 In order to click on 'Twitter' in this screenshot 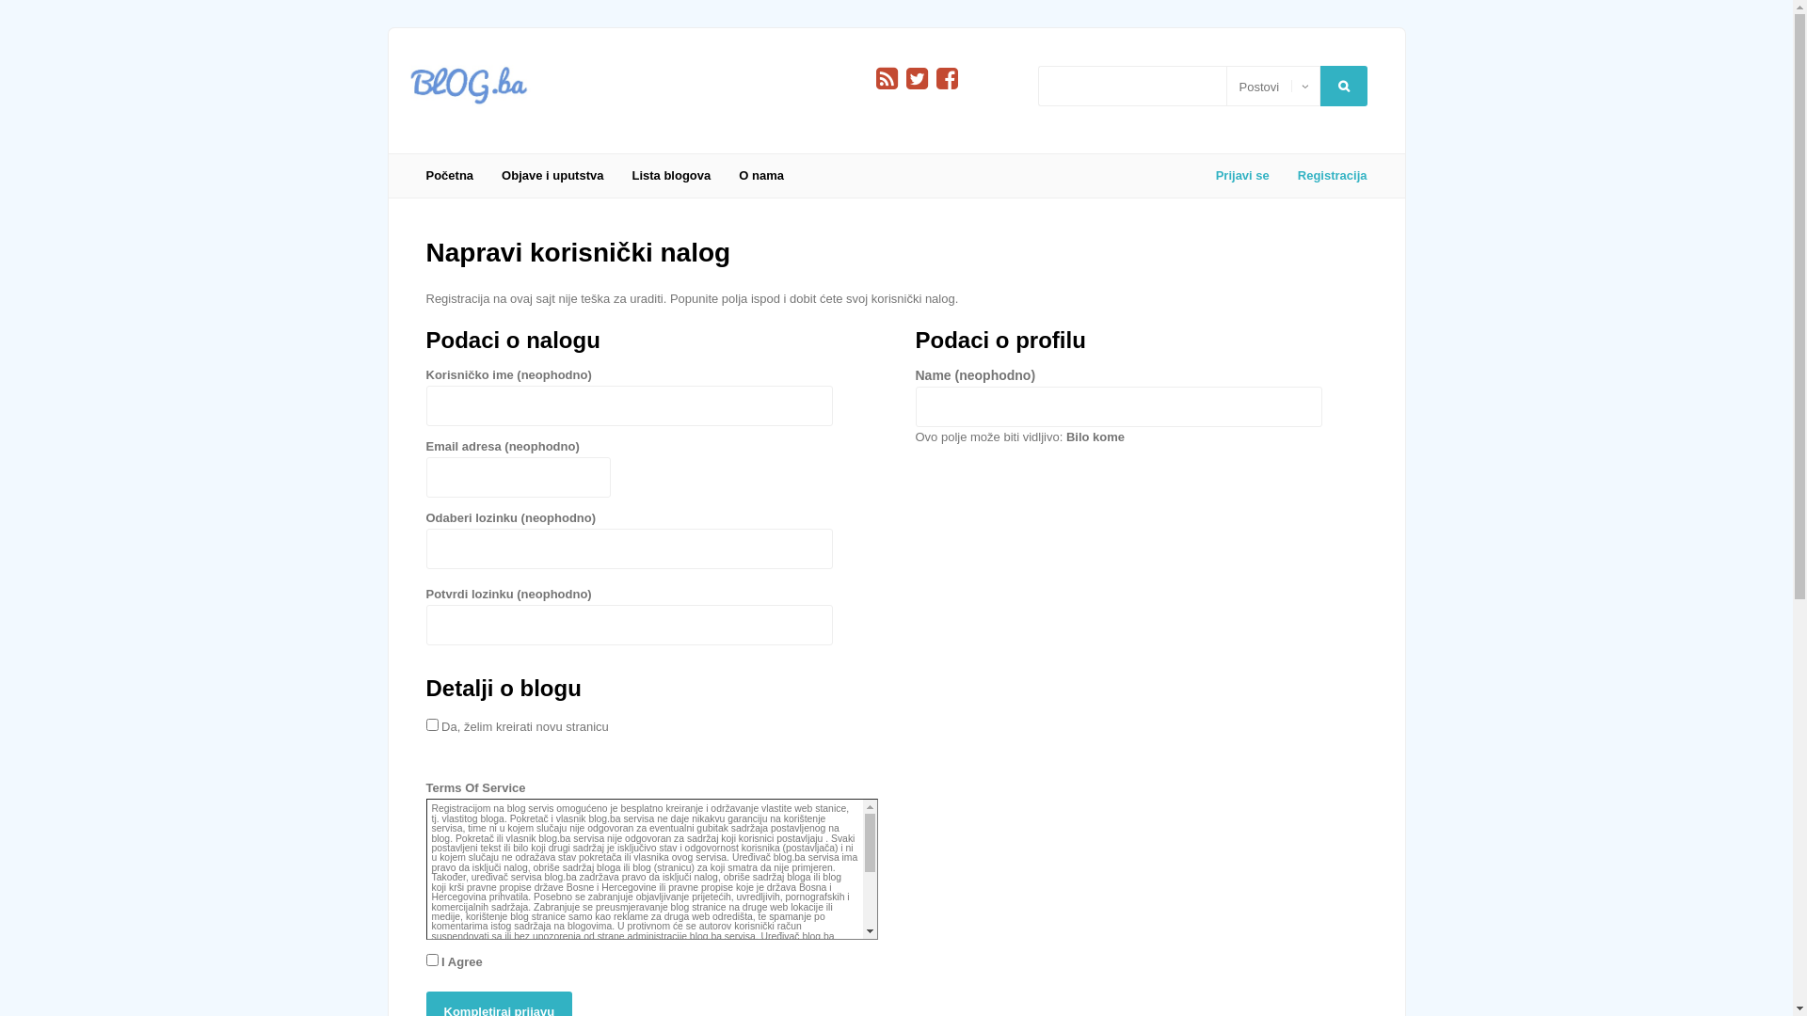, I will do `click(917, 77)`.